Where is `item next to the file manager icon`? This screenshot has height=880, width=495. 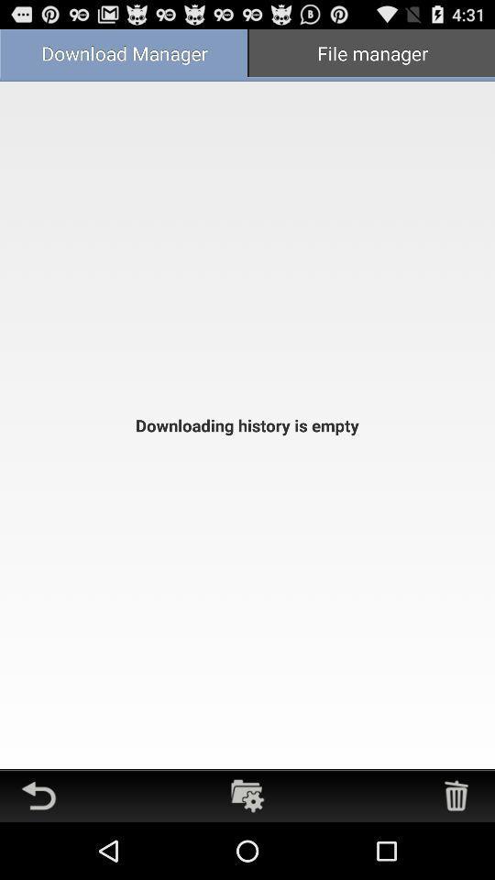 item next to the file manager icon is located at coordinates (124, 54).